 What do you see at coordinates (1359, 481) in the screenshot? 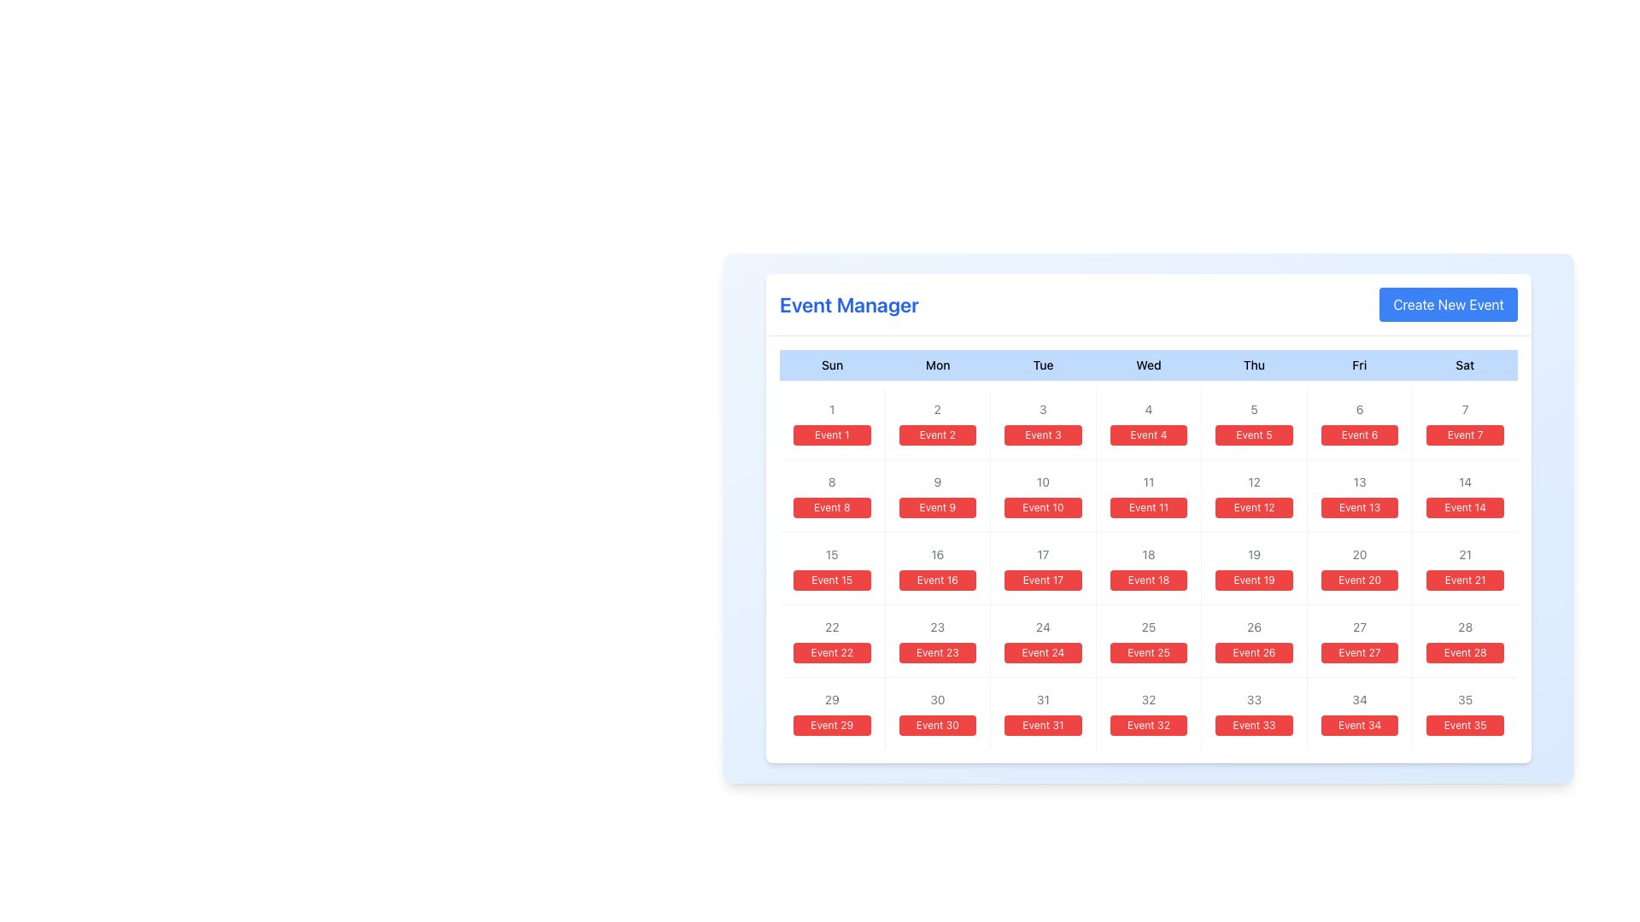
I see `the gray number '13' text label displayed above the red button labeled 'Event 13' in the calendar layout for the 13th day, located in the Friday column of the second week` at bounding box center [1359, 481].